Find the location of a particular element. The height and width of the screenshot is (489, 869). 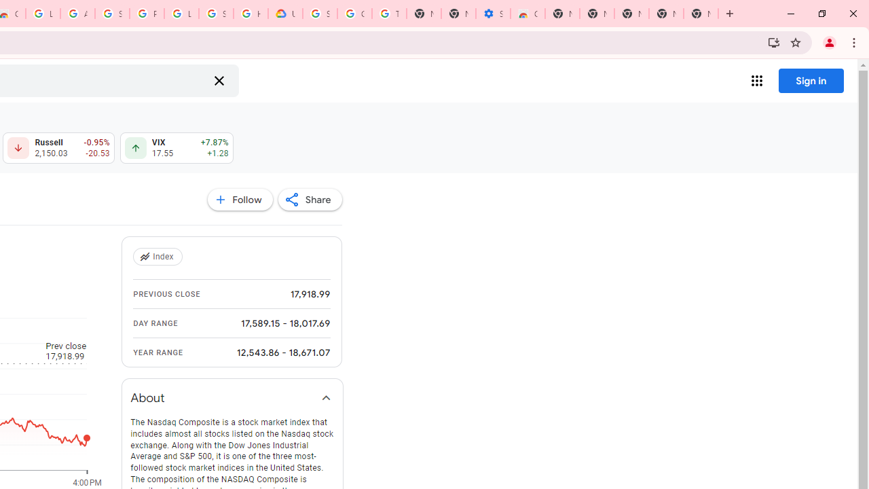

'Sign in' is located at coordinates (811, 80).